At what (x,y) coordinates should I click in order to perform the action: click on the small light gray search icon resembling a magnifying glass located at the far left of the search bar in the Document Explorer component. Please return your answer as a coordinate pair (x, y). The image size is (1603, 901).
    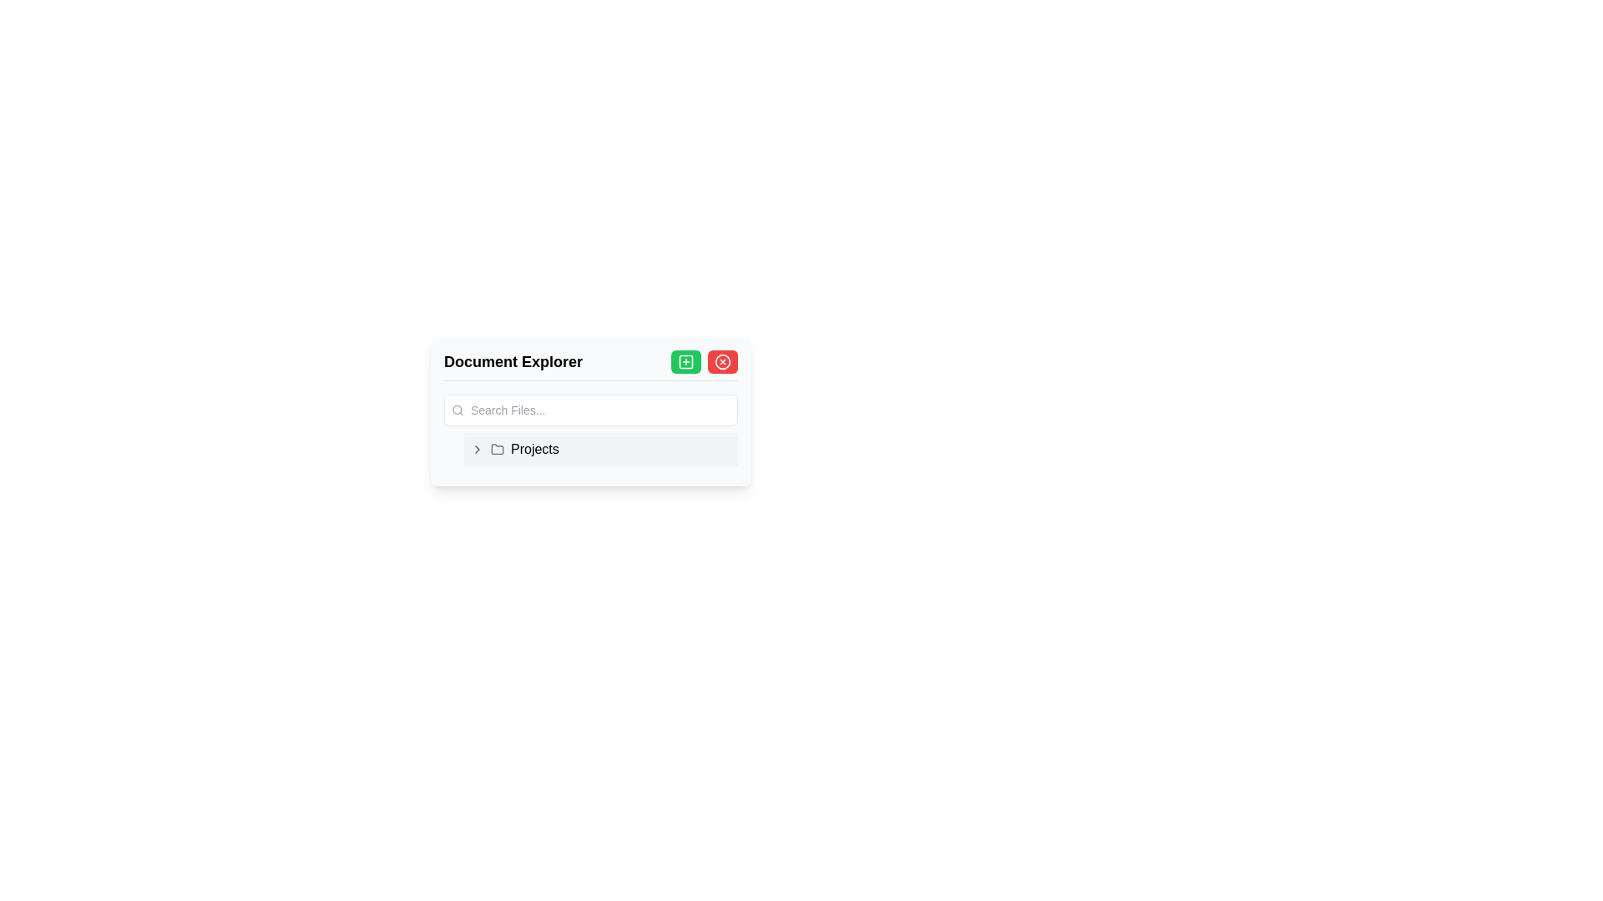
    Looking at the image, I should click on (458, 410).